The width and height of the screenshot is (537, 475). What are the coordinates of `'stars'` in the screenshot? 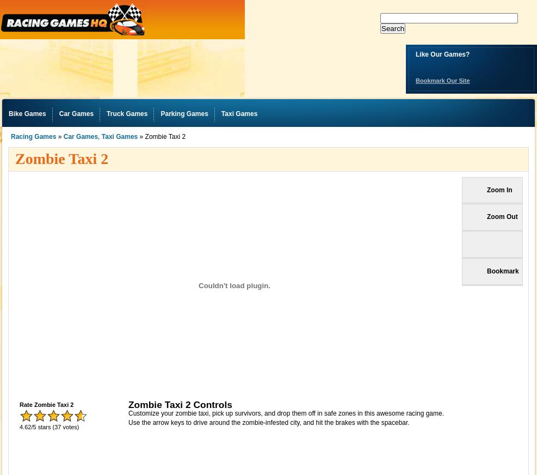 It's located at (44, 427).